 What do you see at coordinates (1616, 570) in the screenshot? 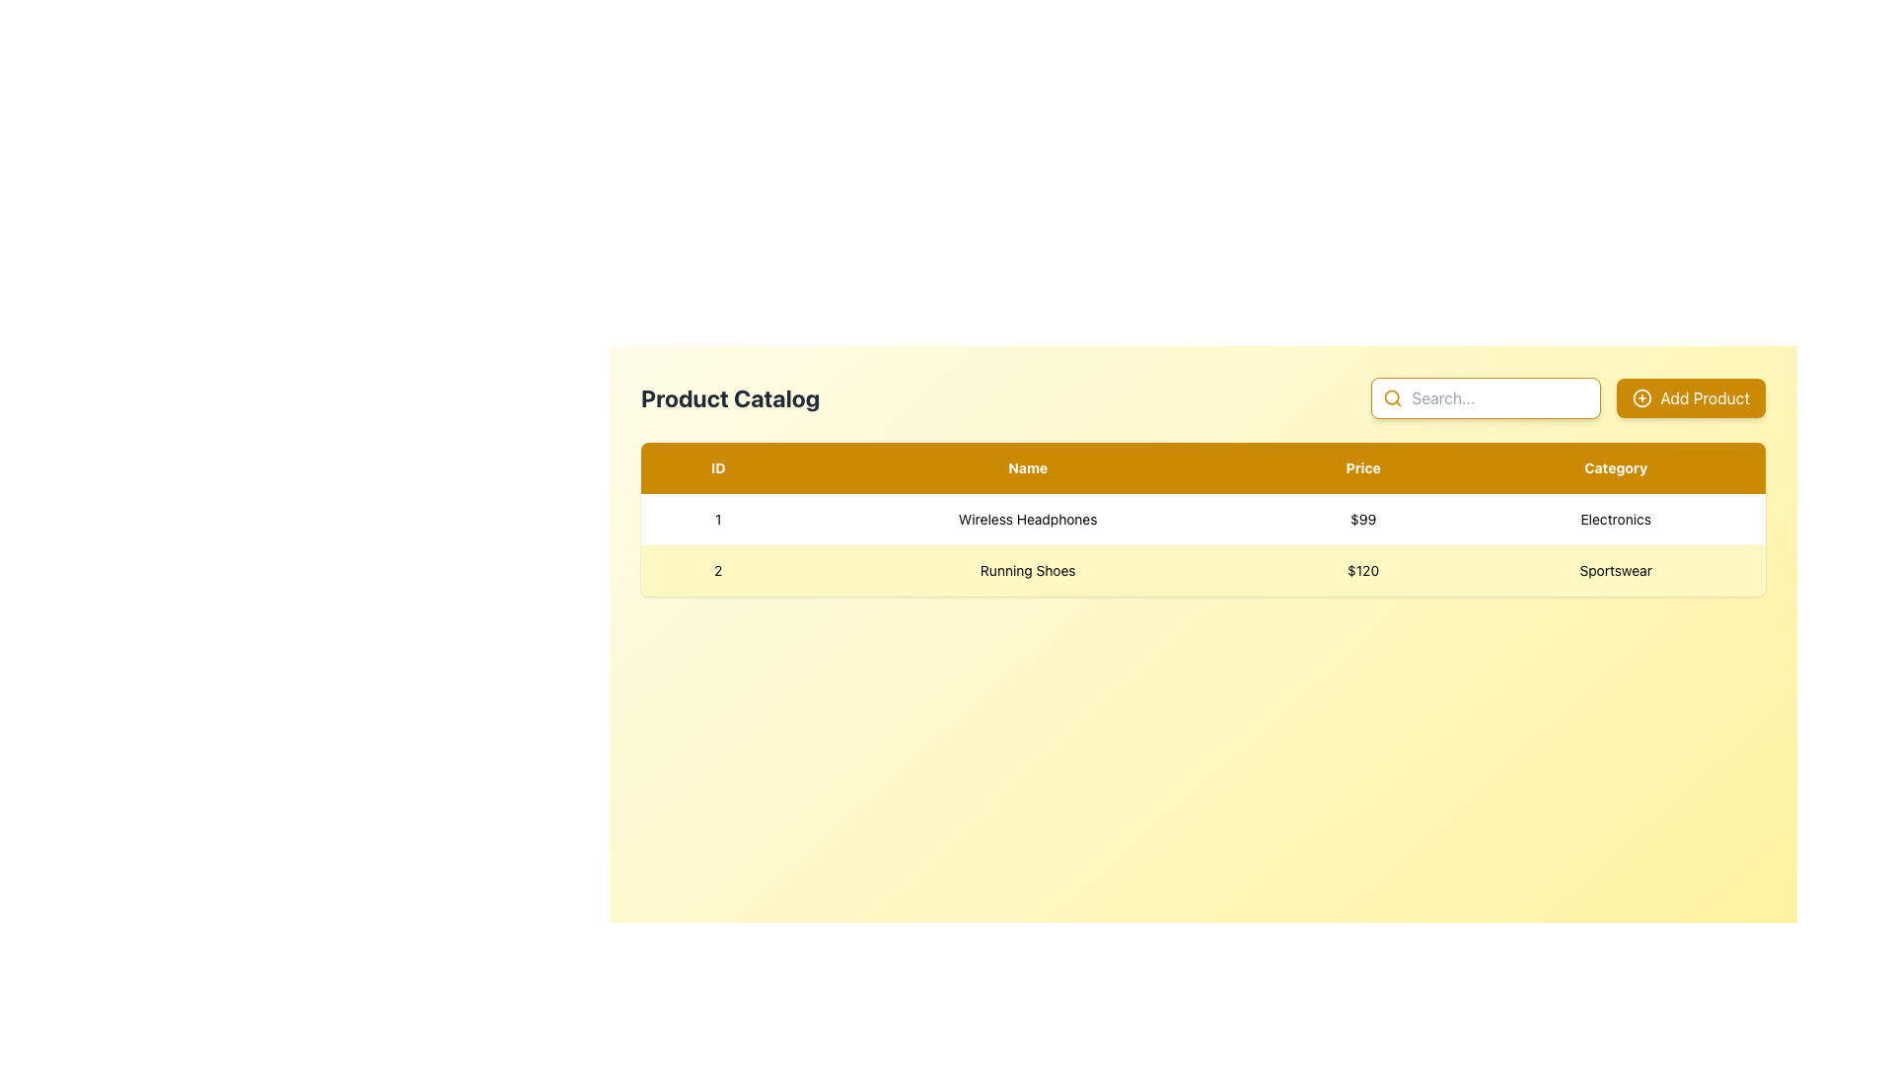
I see `the 'Sportswear' text label` at bounding box center [1616, 570].